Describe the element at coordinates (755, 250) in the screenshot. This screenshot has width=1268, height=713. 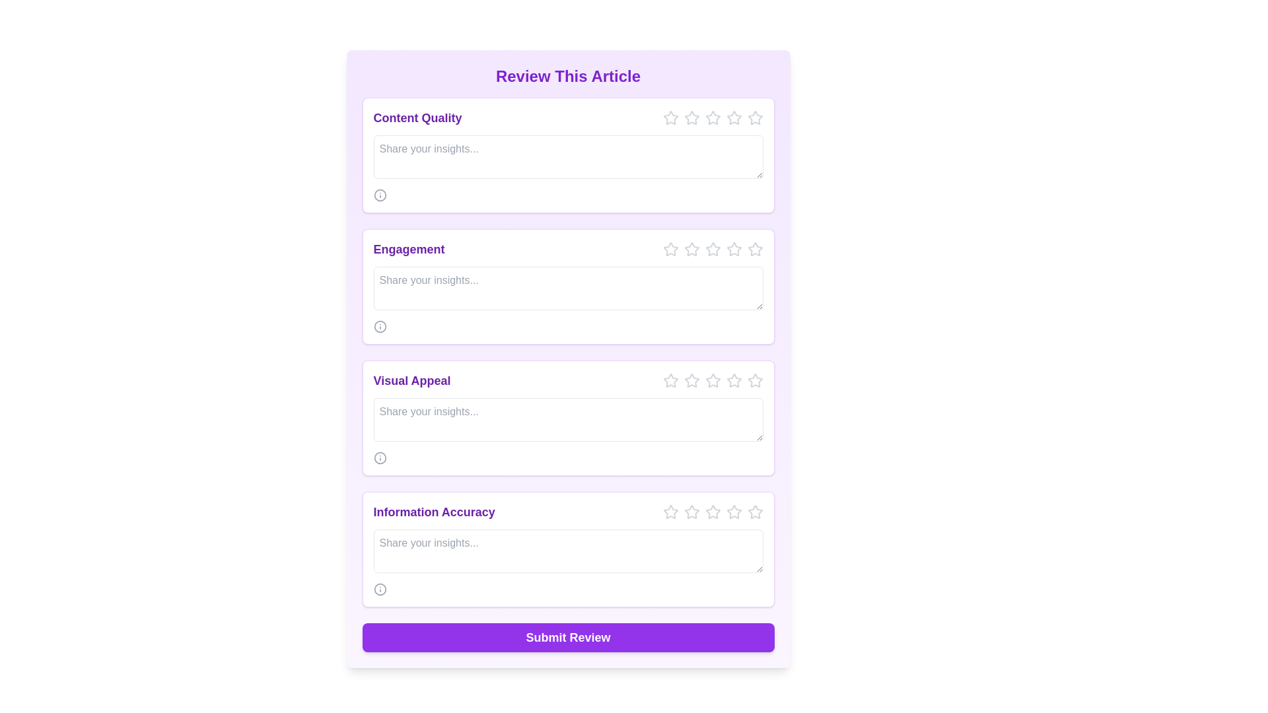
I see `the fifth star icon in the Engagement rating section, which sets the rating to five` at that location.